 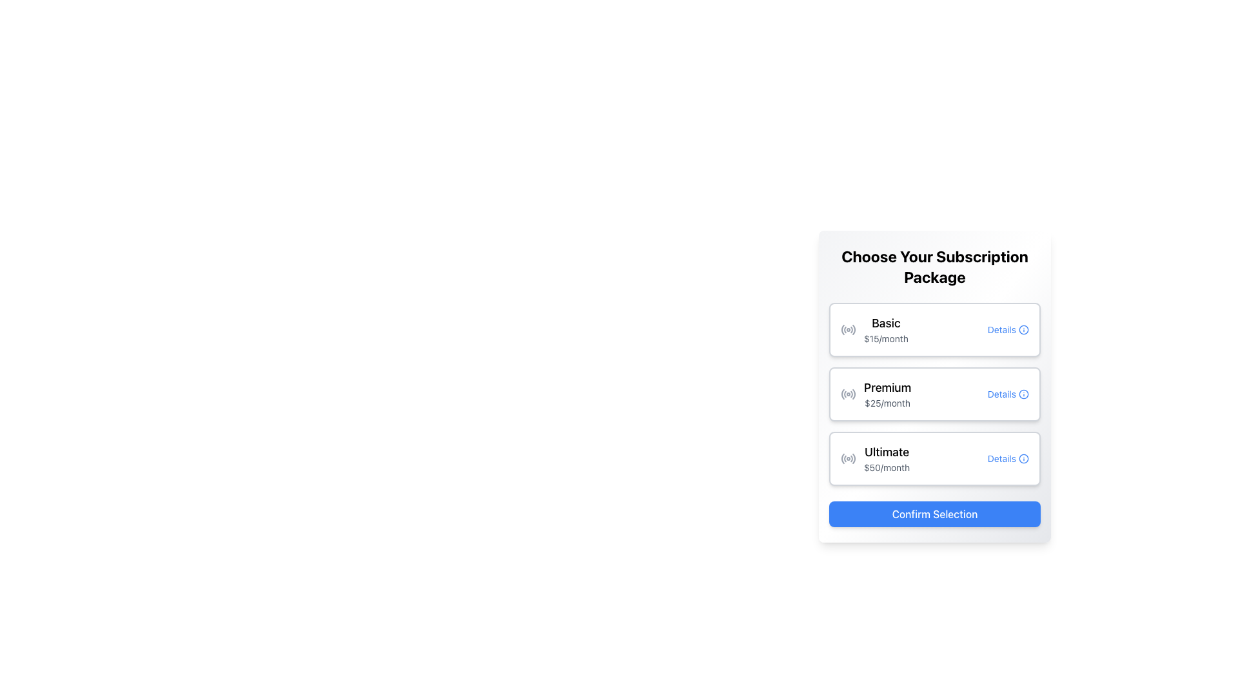 I want to click on text from the 'Ultimate' subscription package label, which displays 'Ultimate' in bold and '$50/month' in smaller text, located at the bottom of the three-tier selection list in the panel titled 'Choose Your Subscription Package.', so click(x=886, y=458).